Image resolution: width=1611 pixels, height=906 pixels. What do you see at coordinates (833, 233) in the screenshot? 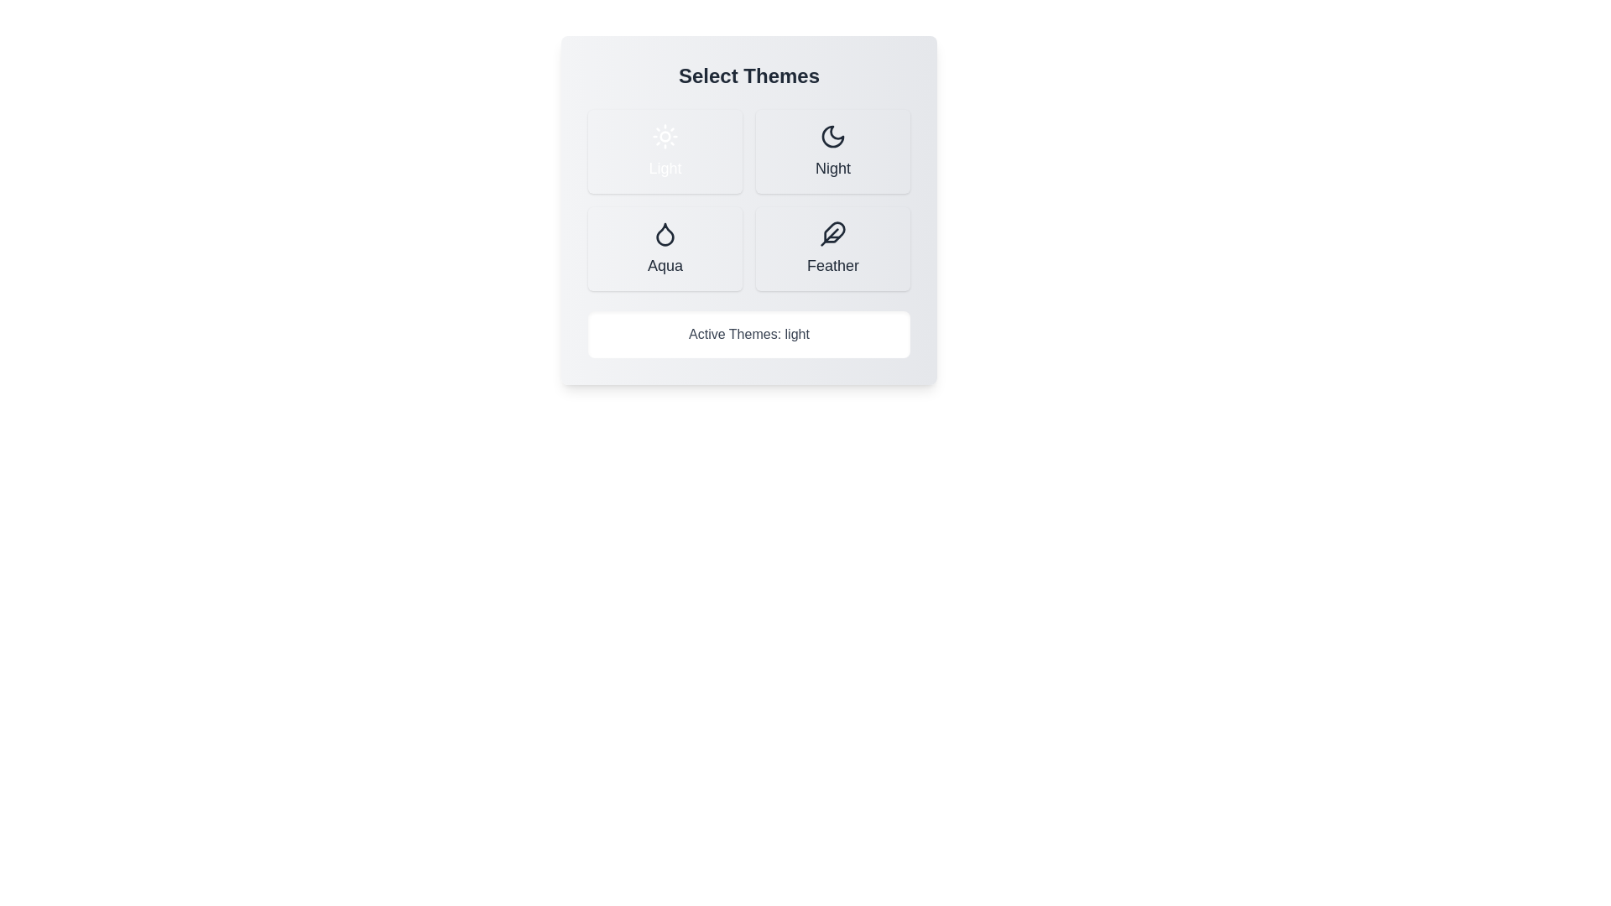
I see `the icon representing the Feather theme` at bounding box center [833, 233].